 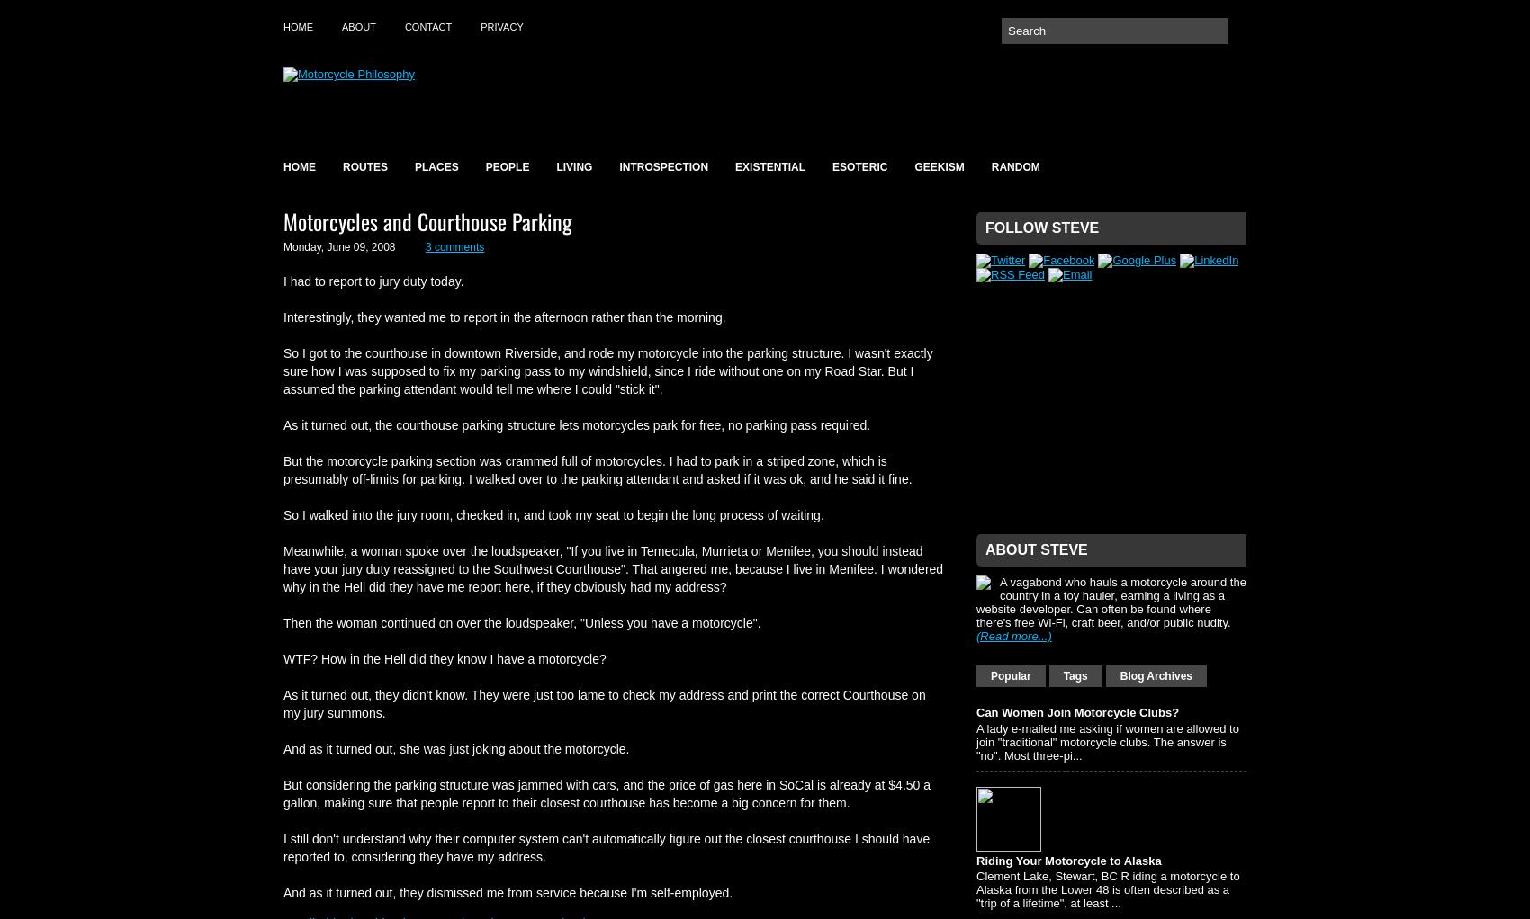 I want to click on 'As it turned out, the courthouse parking structure lets motorcycles park for free, no parking pass required.', so click(x=283, y=424).